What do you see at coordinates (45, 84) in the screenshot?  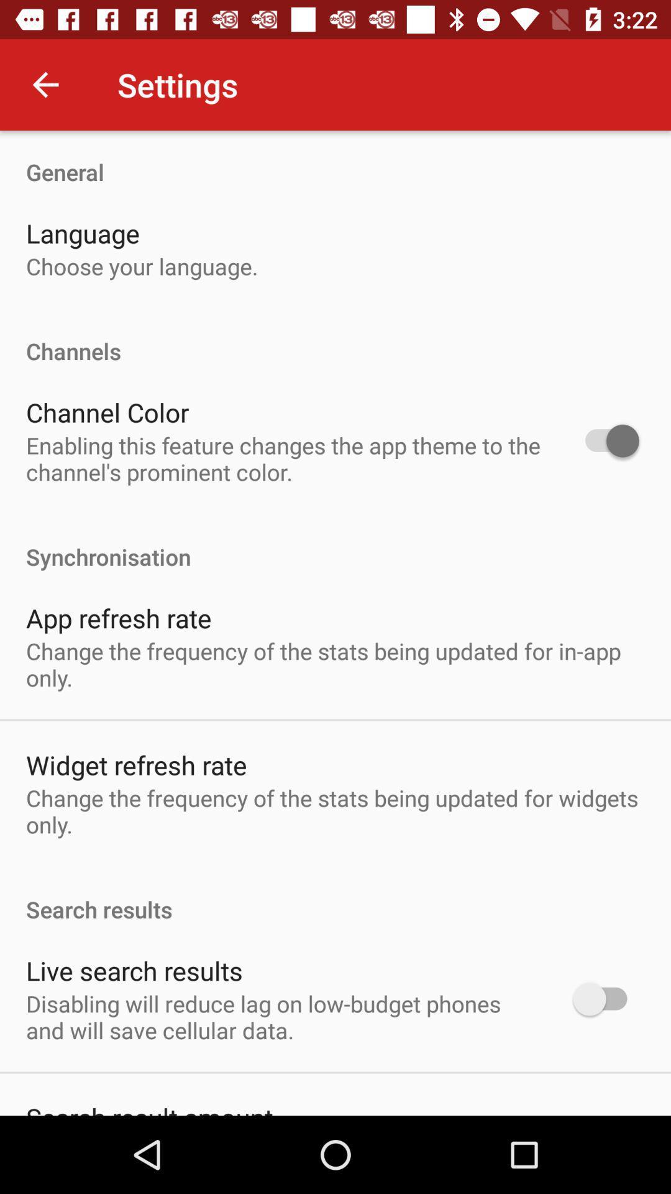 I see `the item above the general` at bounding box center [45, 84].